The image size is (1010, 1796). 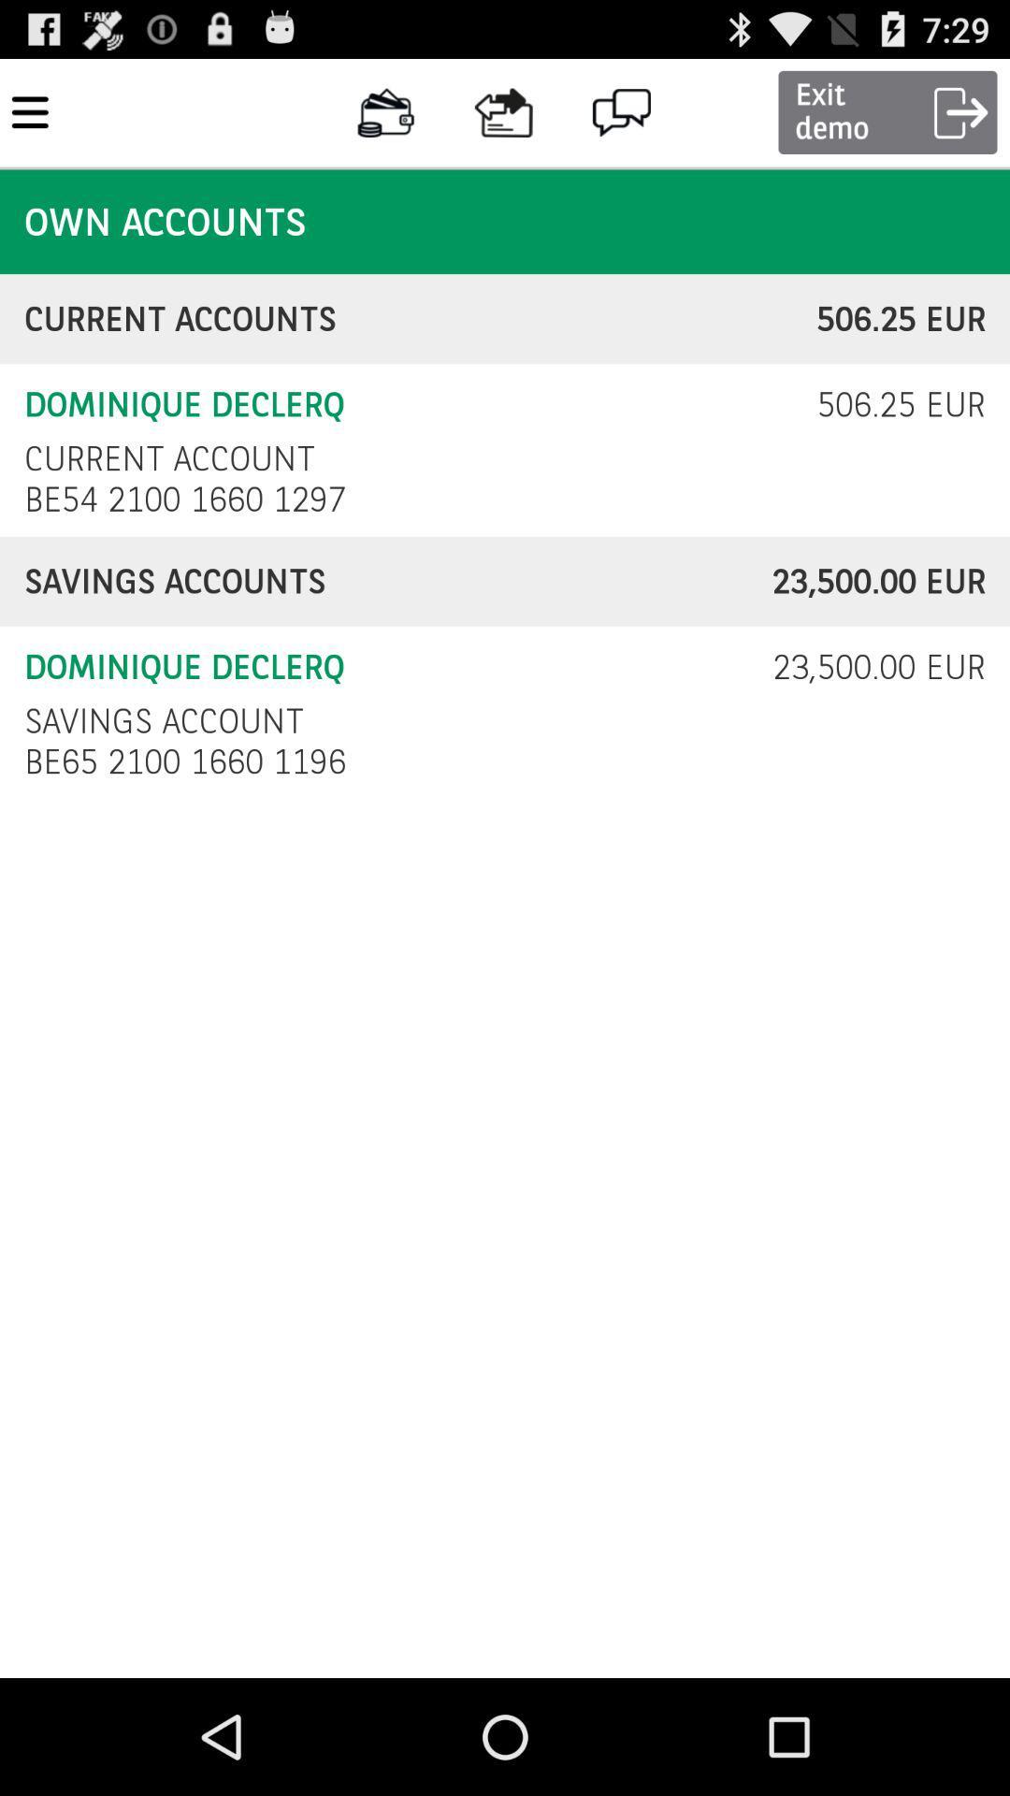 What do you see at coordinates (169, 458) in the screenshot?
I see `current account item` at bounding box center [169, 458].